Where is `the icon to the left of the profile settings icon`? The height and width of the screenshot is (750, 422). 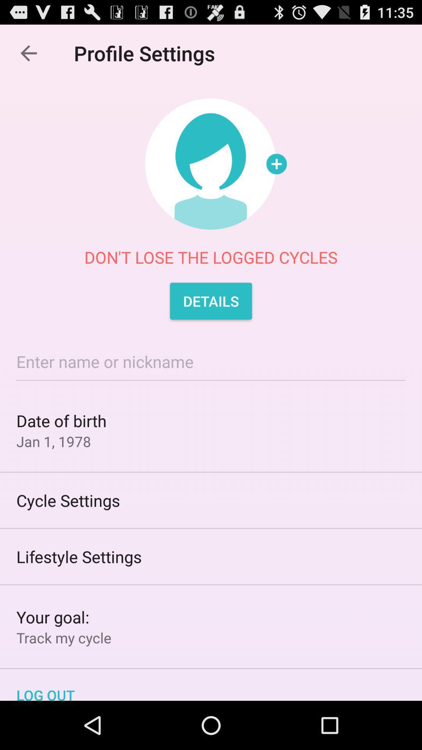 the icon to the left of the profile settings icon is located at coordinates (28, 53).